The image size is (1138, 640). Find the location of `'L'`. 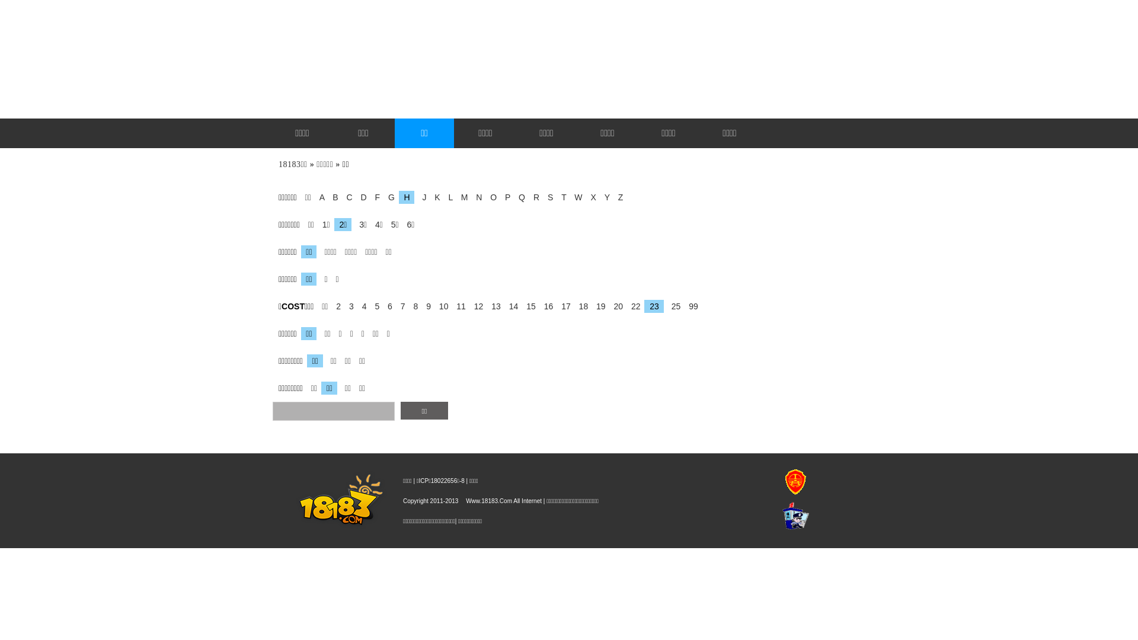

'L' is located at coordinates (442, 196).